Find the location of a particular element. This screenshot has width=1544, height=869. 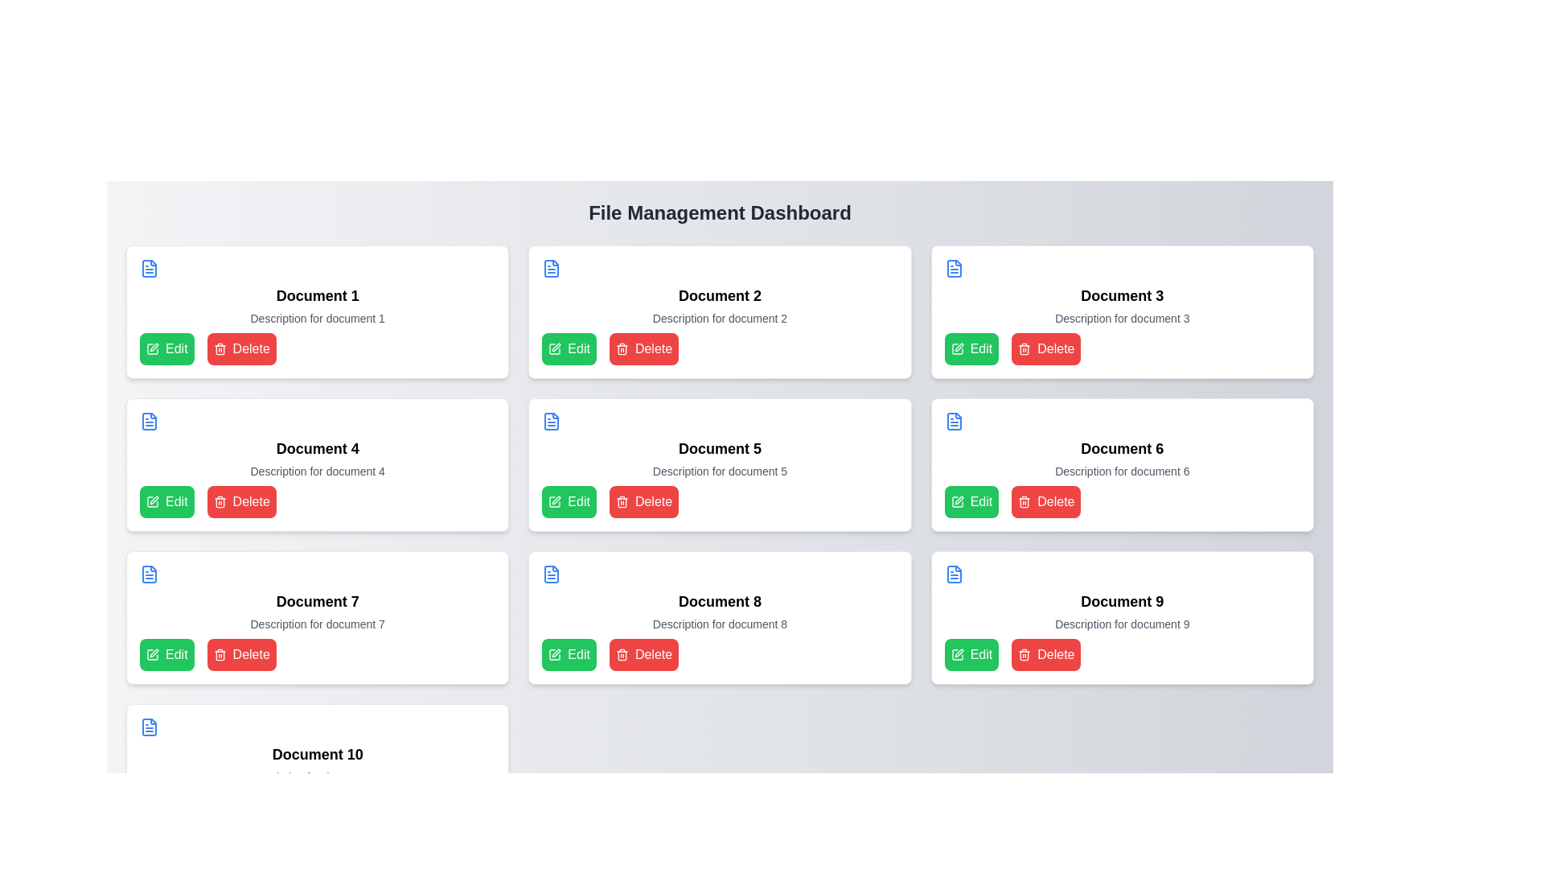

the second button in the 'Edit' and 'Delete' button group located in the top-left card of the document grid is located at coordinates (240, 348).